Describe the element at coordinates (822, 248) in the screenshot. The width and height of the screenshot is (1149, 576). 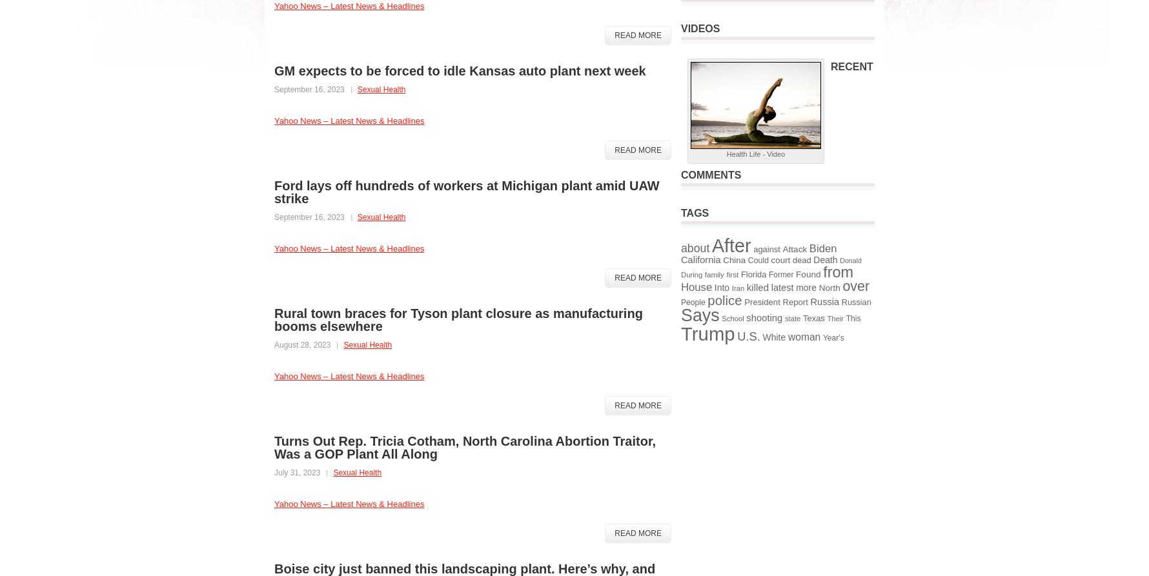
I see `'Biden'` at that location.